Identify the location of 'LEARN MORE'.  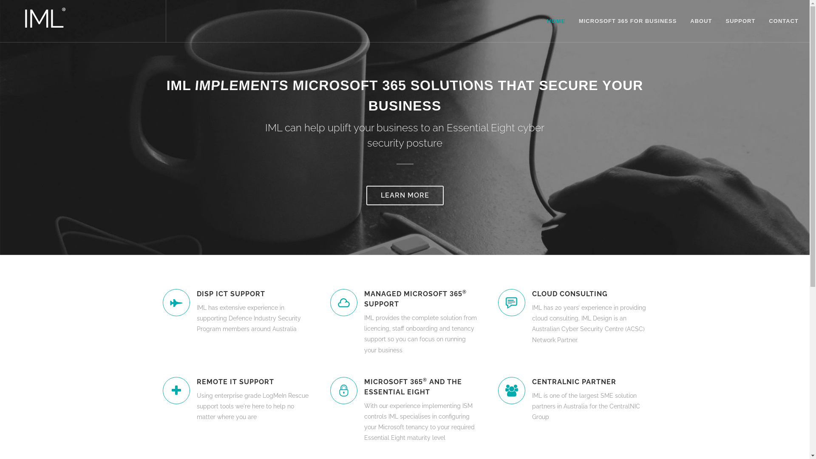
(405, 195).